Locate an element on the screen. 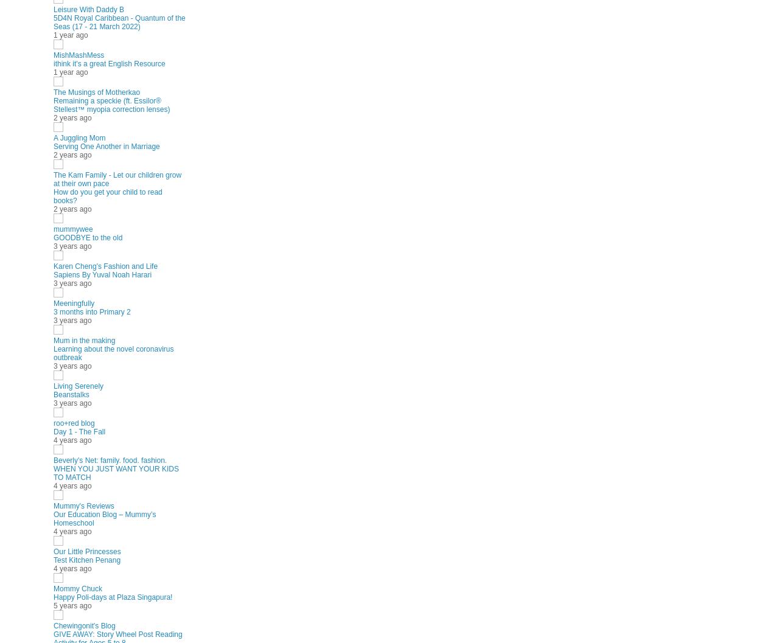 This screenshot has height=643, width=784. 'The Musings of Motherkao' is located at coordinates (96, 92).